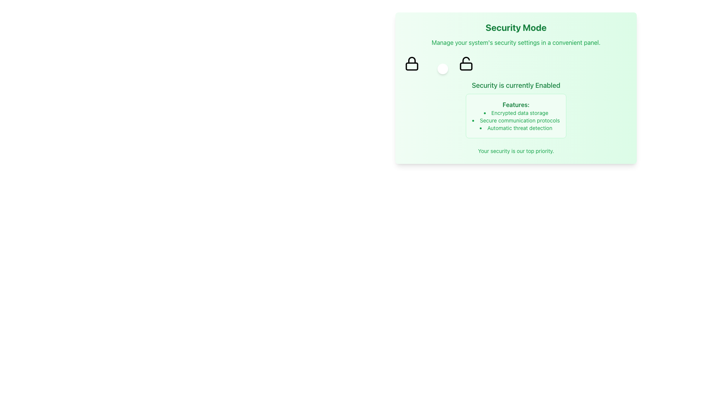  I want to click on list of features displayed in green text within the light green box titled 'Features:' in the 'Security Mode' panel, so click(516, 120).